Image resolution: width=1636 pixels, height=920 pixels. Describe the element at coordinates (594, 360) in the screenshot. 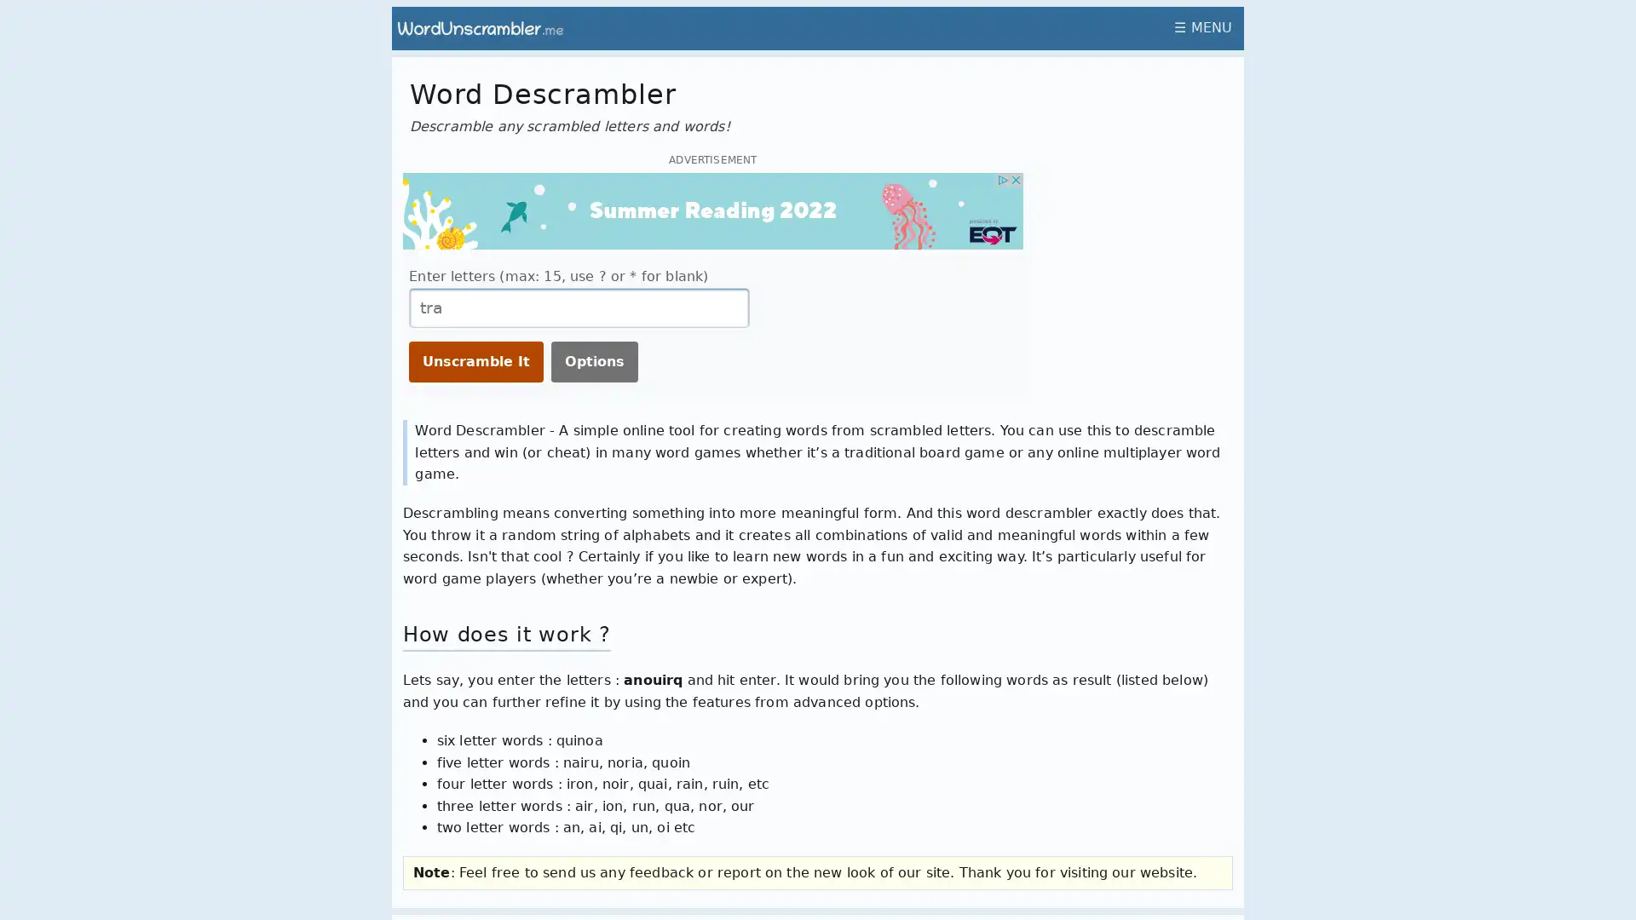

I see `Options` at that location.